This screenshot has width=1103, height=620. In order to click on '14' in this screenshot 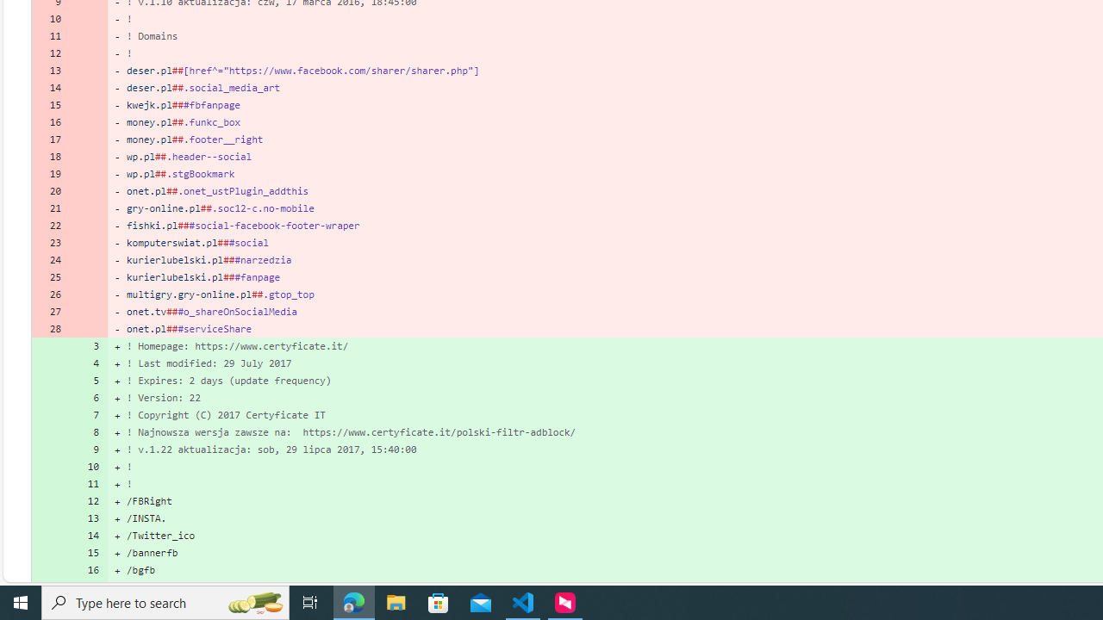, I will do `click(88, 535)`.